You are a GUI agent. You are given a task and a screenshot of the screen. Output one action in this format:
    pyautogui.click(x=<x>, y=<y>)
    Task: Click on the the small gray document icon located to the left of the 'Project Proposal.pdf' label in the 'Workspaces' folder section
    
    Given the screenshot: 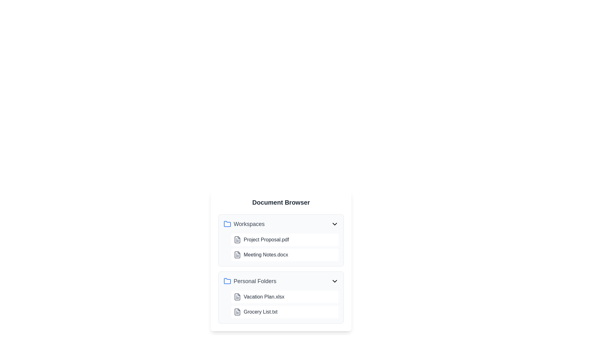 What is the action you would take?
    pyautogui.click(x=237, y=239)
    